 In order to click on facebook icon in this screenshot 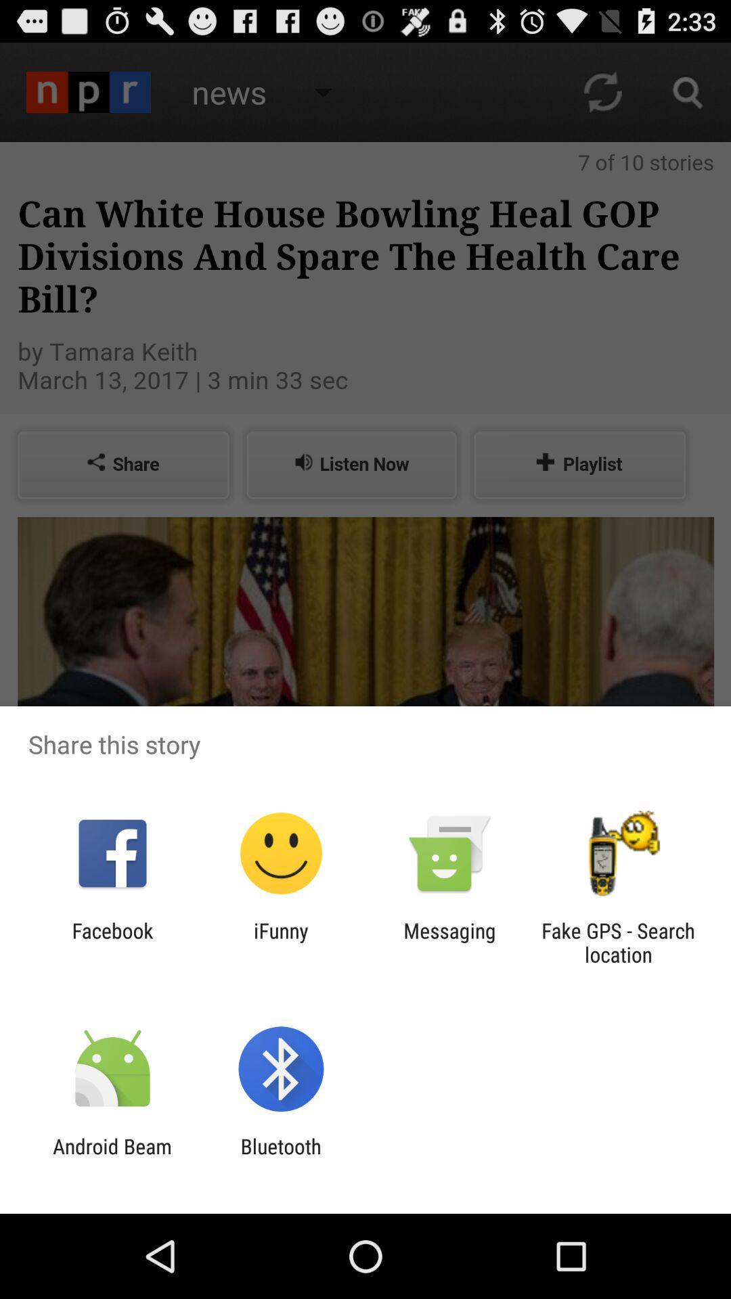, I will do `click(112, 942)`.